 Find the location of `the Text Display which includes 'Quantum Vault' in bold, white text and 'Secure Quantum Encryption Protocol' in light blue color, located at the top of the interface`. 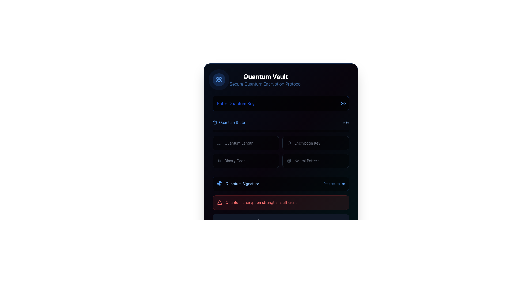

the Text Display which includes 'Quantum Vault' in bold, white text and 'Secure Quantum Encryption Protocol' in light blue color, located at the top of the interface is located at coordinates (266, 79).